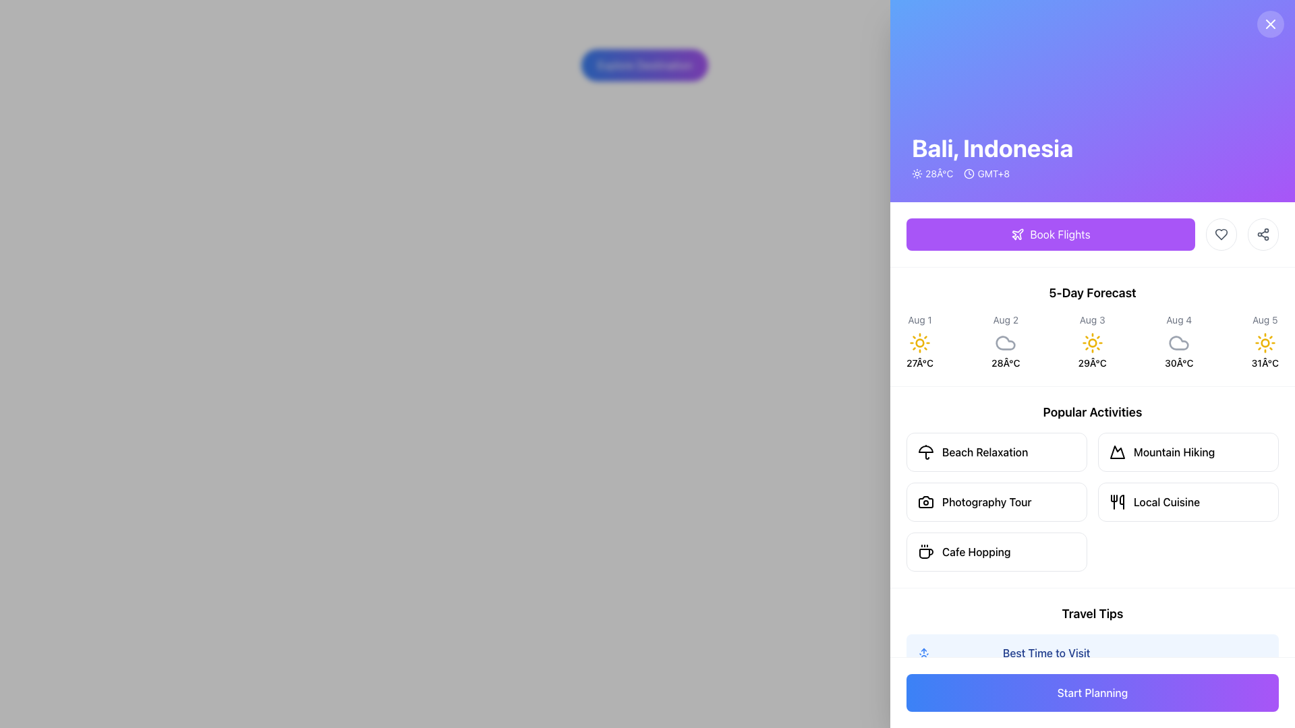 The height and width of the screenshot is (728, 1295). I want to click on the sunny weather icon located to the left of the temperature text '28°C' in the upper section of the interface, beside the location information about Bali, Indonesia, so click(917, 173).